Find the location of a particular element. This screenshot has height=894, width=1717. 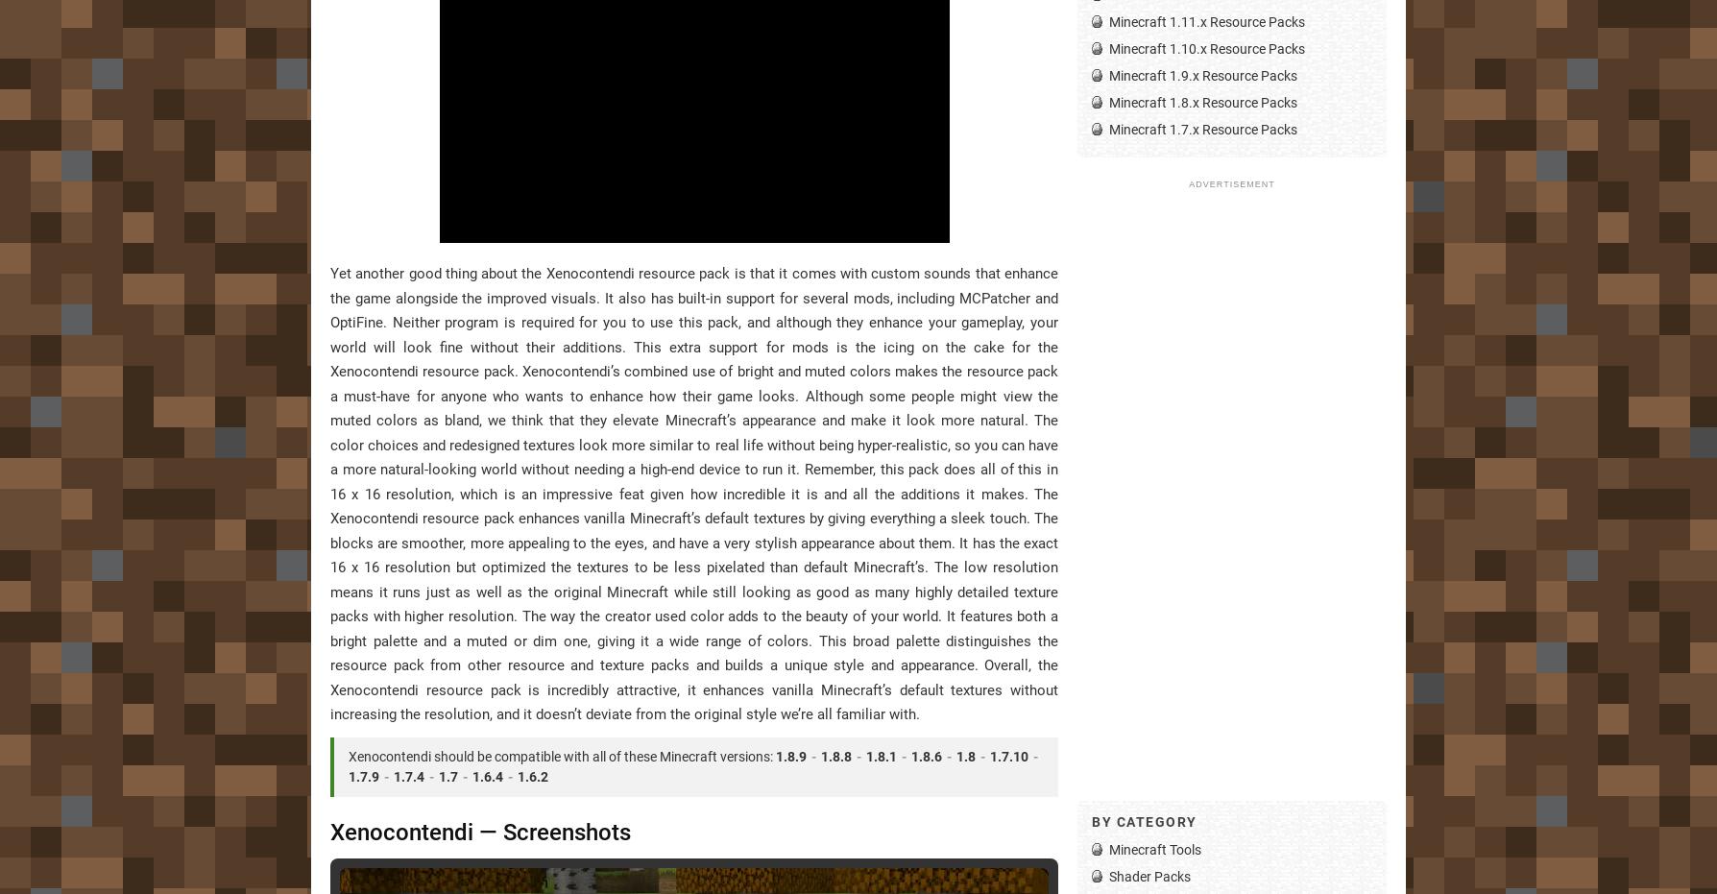

'1.7.10' is located at coordinates (1008, 755).